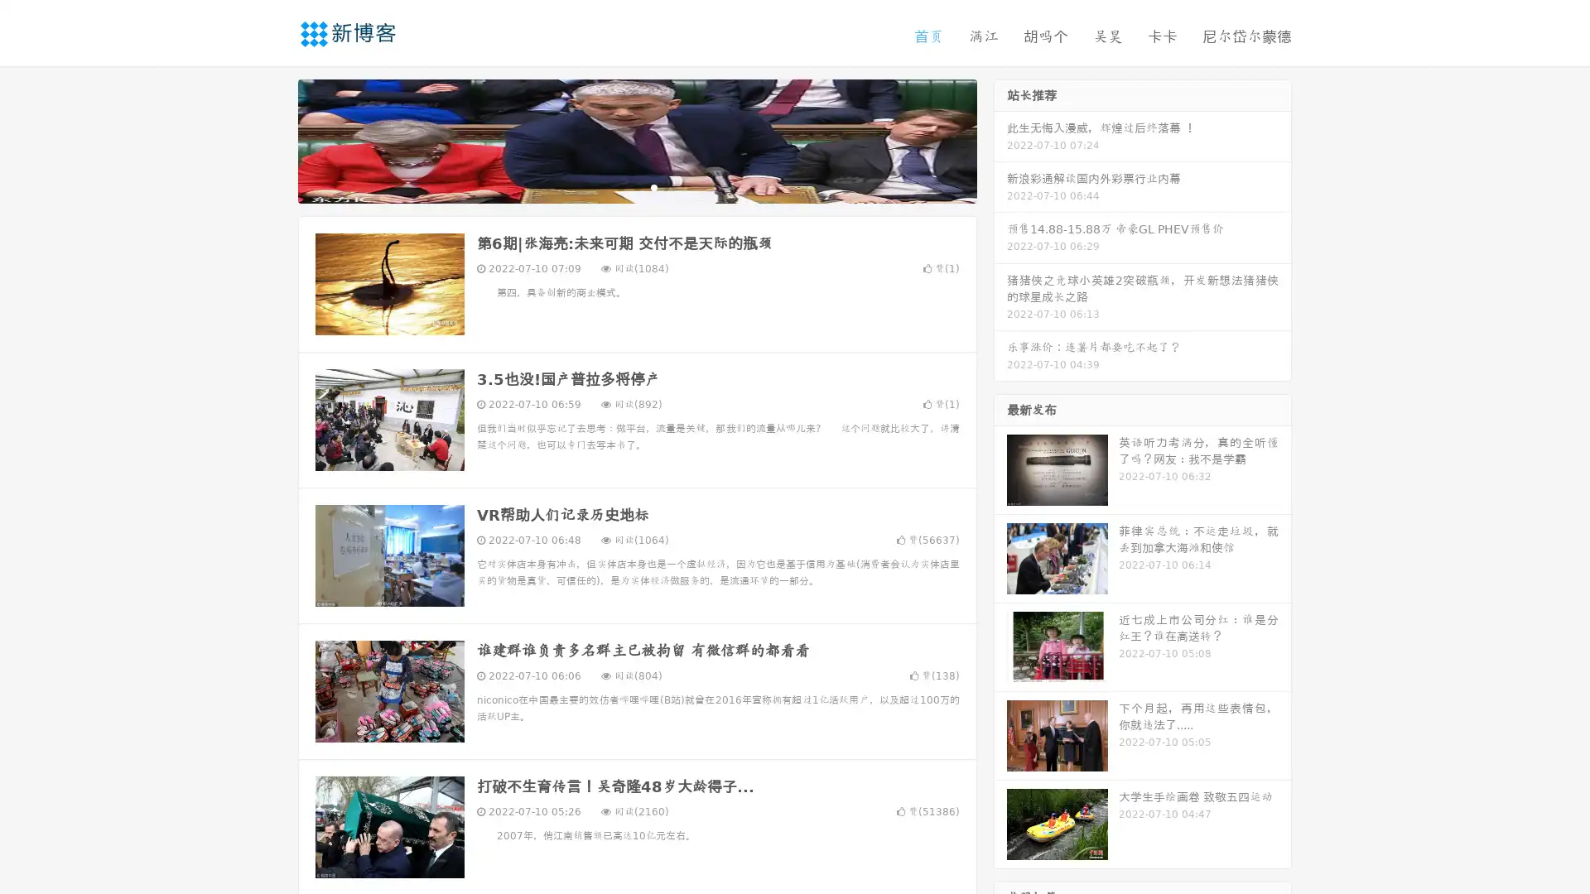 The height and width of the screenshot is (894, 1590). Describe the element at coordinates (273, 139) in the screenshot. I see `Previous slide` at that location.